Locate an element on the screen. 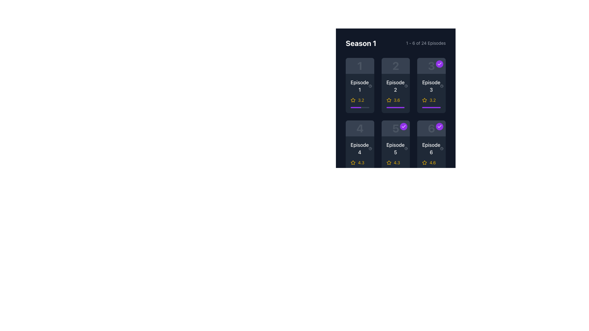 The image size is (589, 331). the filled portion of the progress bar segment located below the last row of episode cards, which visually indicates progress in the UI is located at coordinates (428, 170).